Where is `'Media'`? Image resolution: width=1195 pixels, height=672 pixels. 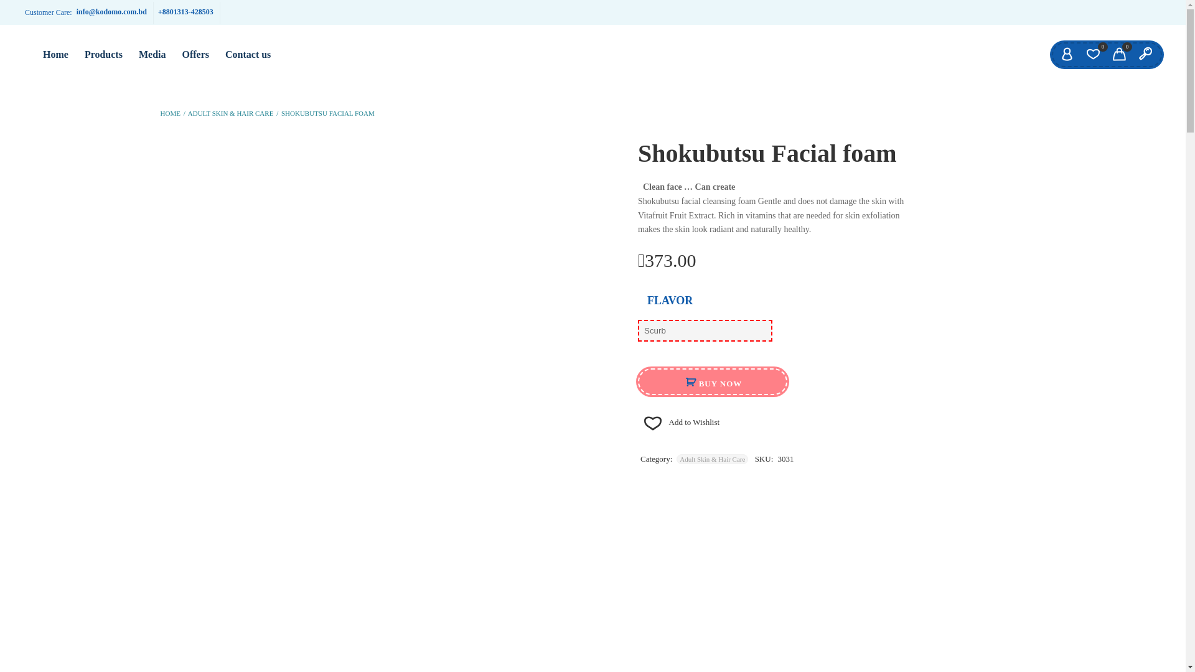
'Media' is located at coordinates (151, 54).